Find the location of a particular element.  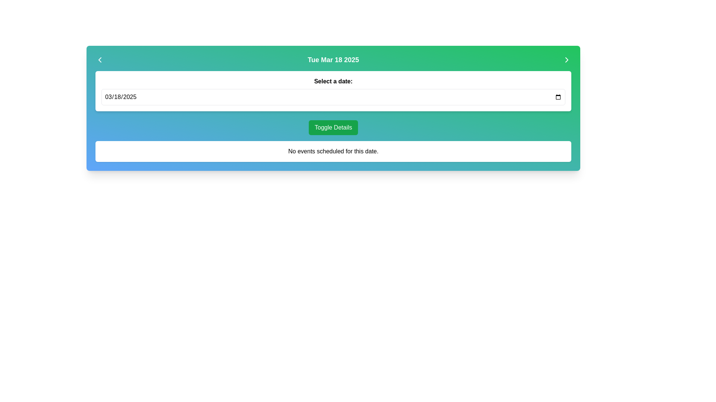

the Chevron icon located in the top-right corner of the card is located at coordinates (567, 60).